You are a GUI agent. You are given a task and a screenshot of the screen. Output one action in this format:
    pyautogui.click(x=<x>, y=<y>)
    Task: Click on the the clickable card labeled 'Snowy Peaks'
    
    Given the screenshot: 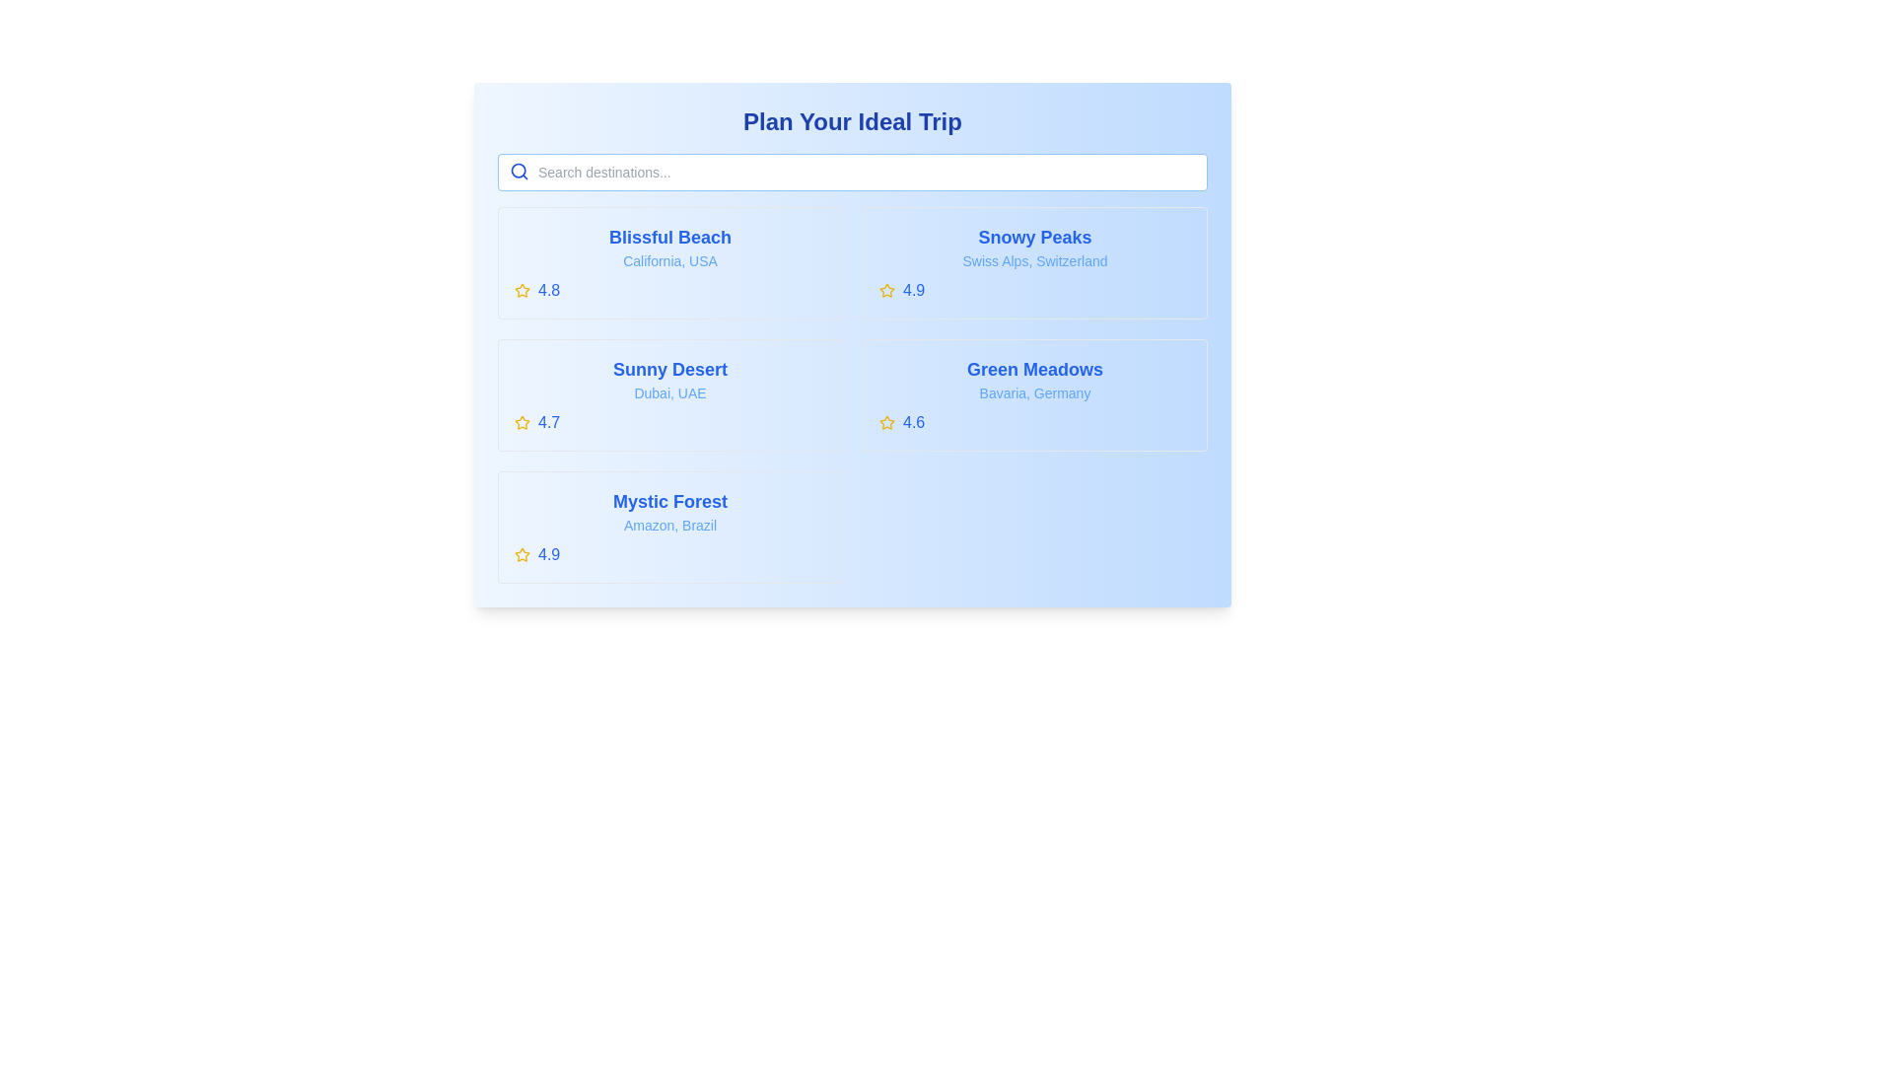 What is the action you would take?
    pyautogui.click(x=1034, y=261)
    